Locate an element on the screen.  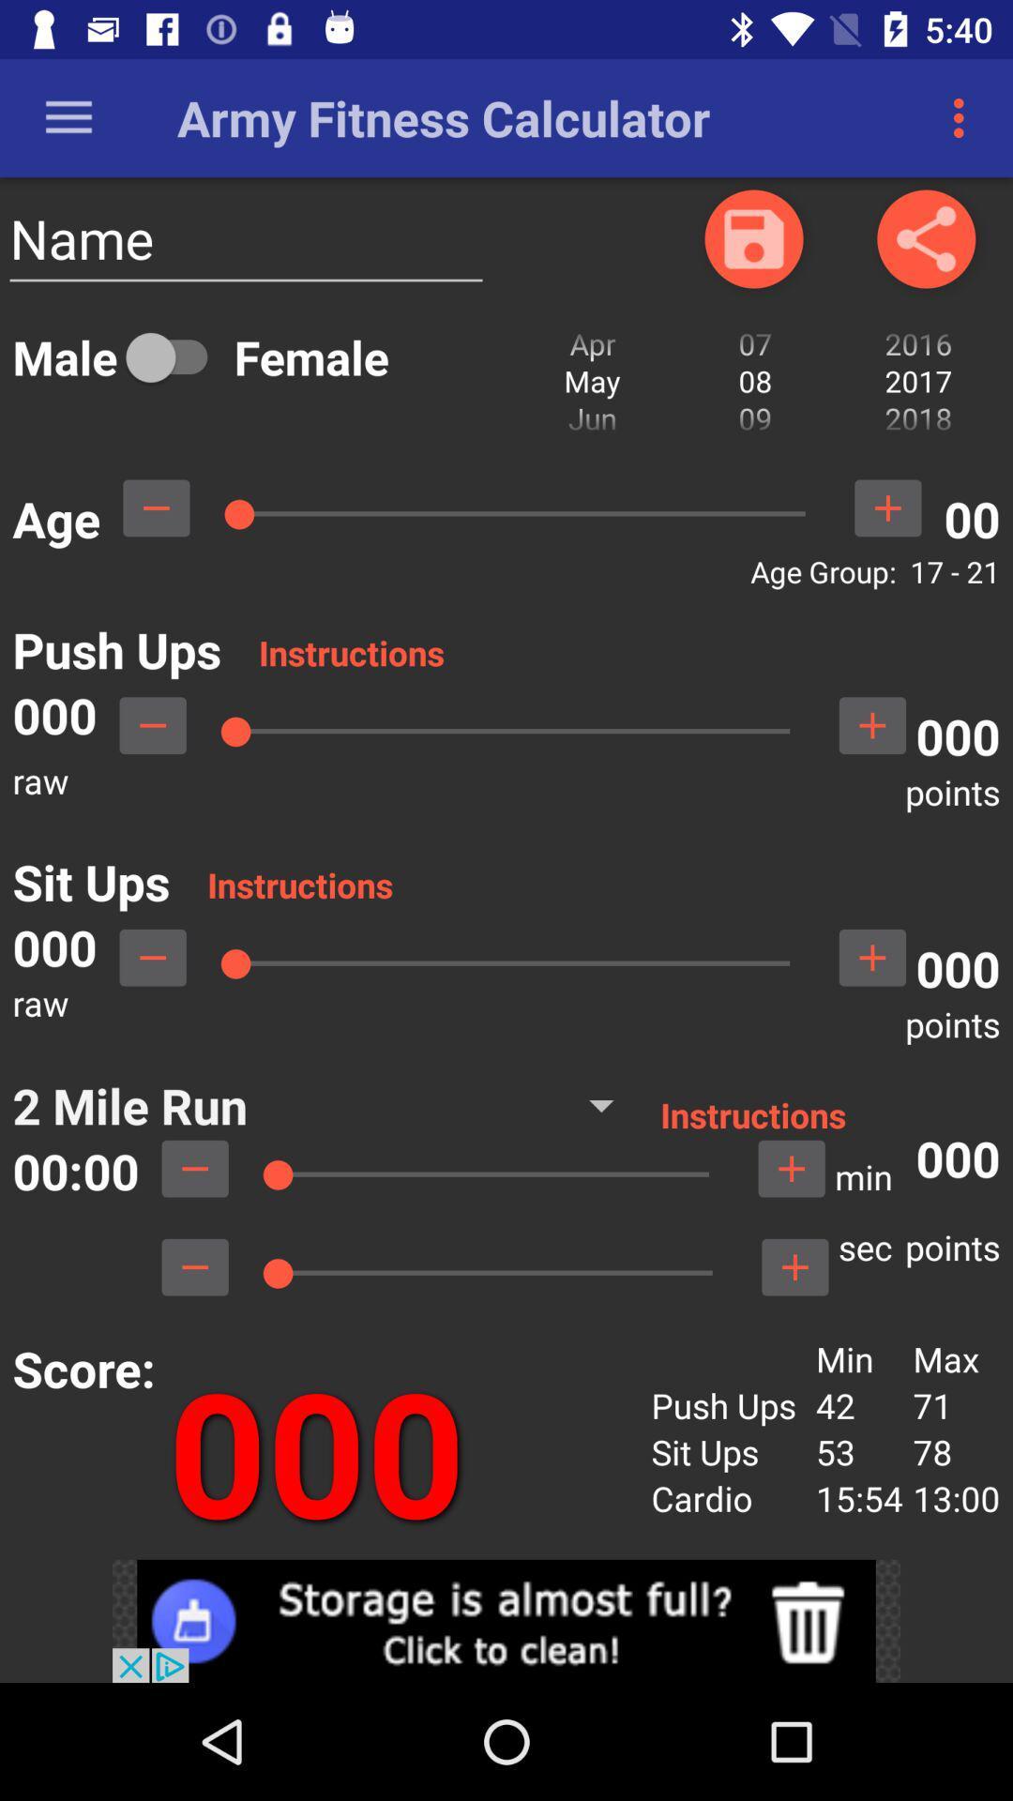
the add icon is located at coordinates (872, 958).